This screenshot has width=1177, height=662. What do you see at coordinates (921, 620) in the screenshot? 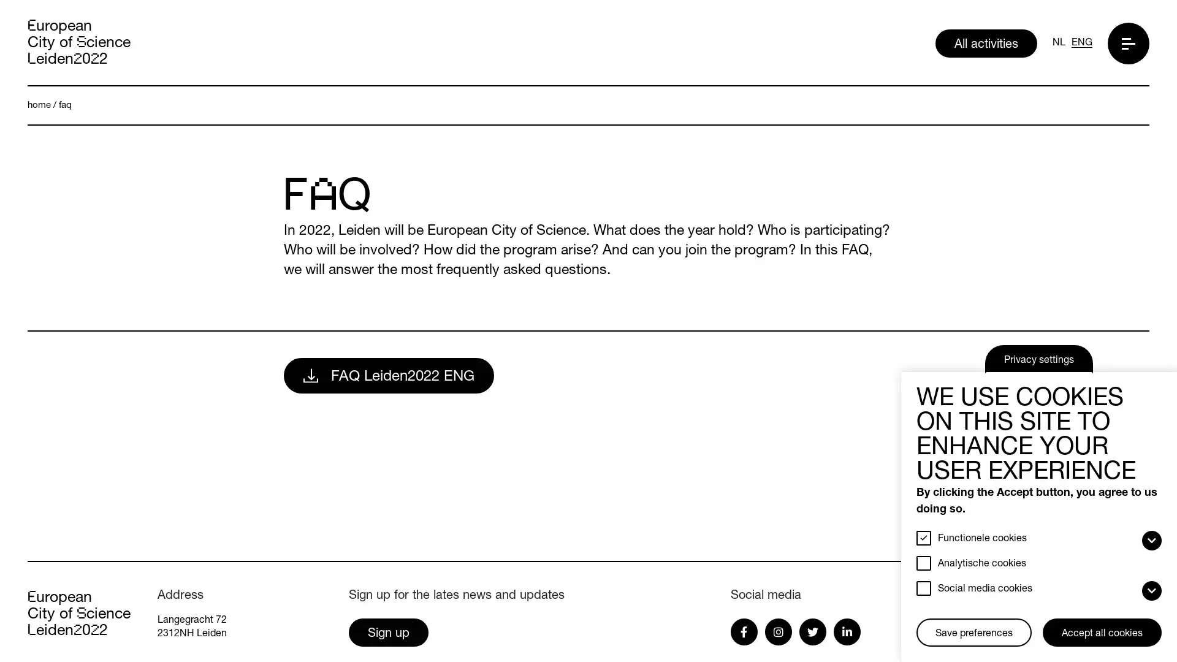
I see `Withdraw consent` at bounding box center [921, 620].